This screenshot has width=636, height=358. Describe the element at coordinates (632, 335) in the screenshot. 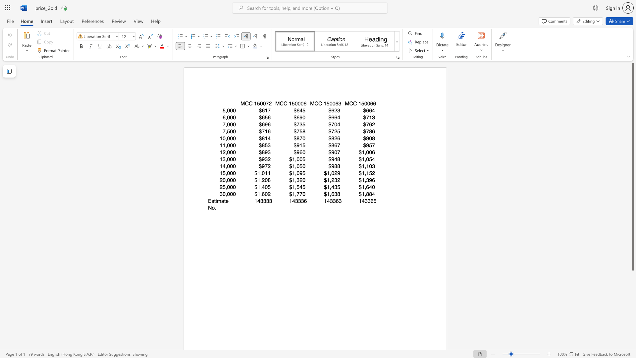

I see `the vertical scrollbar to lower the page content` at that location.